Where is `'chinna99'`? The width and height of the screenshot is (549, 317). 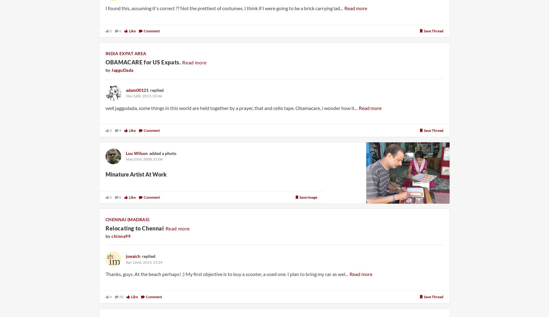 'chinna99' is located at coordinates (121, 236).